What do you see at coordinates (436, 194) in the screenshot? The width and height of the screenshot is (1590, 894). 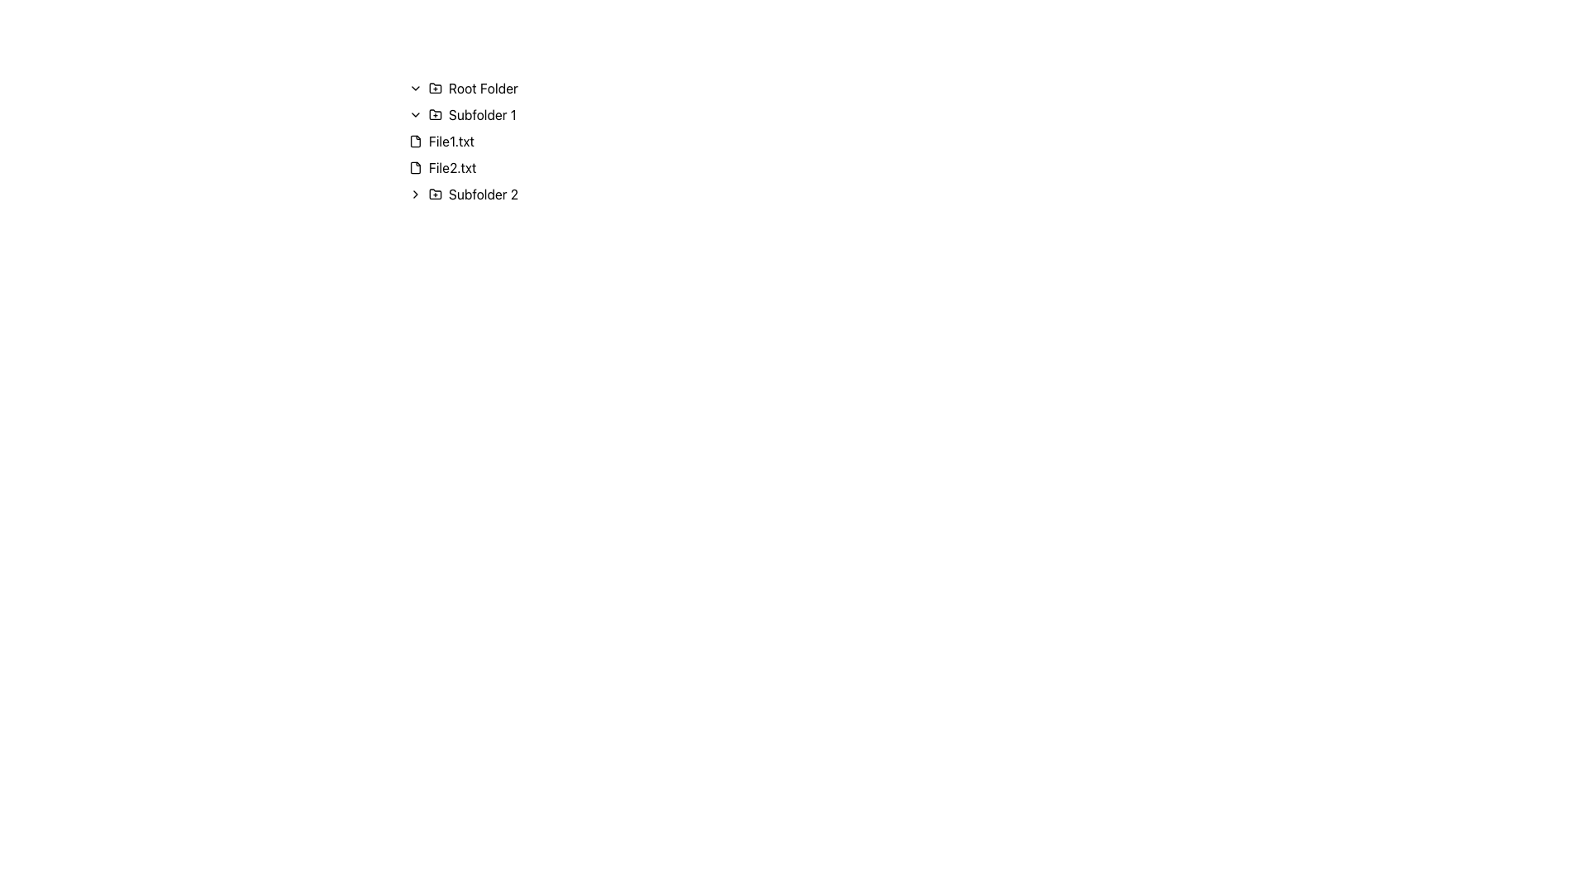 I see `the folder icon with a '+' sign located to the left of 'Subfolder 2'` at bounding box center [436, 194].